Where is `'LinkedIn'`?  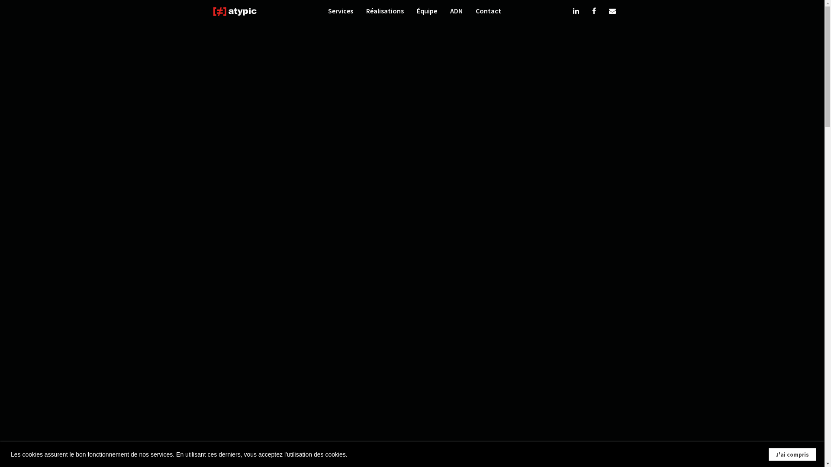 'LinkedIn' is located at coordinates (576, 12).